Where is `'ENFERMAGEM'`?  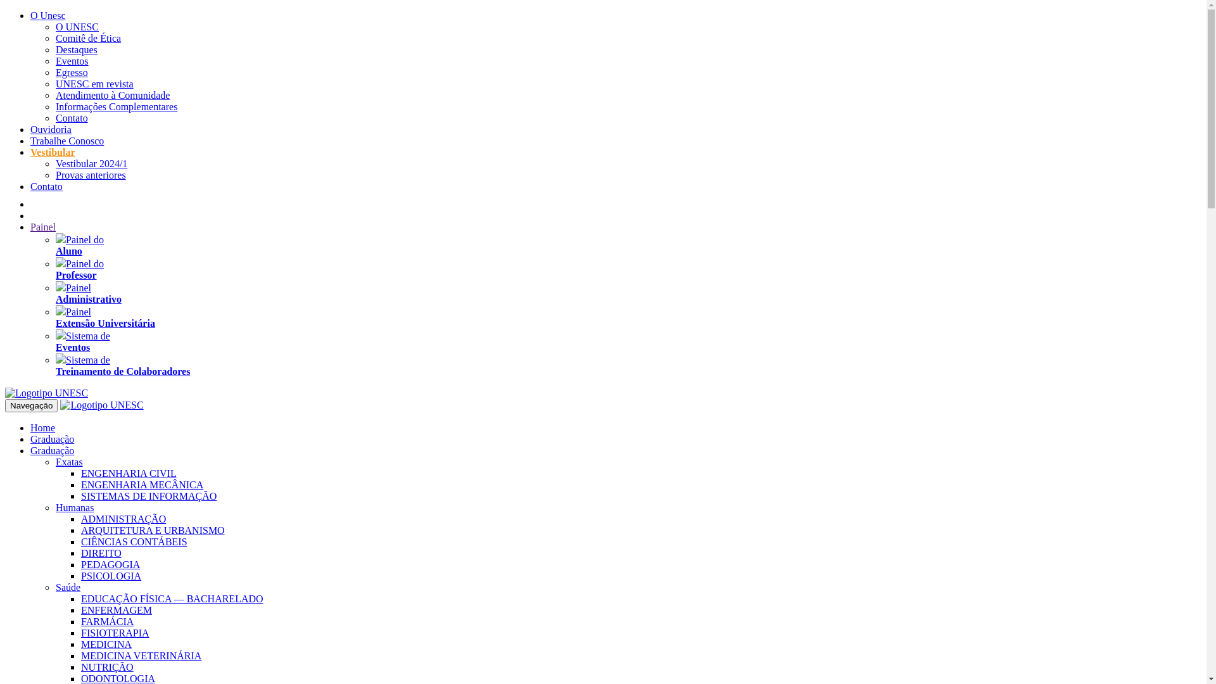 'ENFERMAGEM' is located at coordinates (116, 609).